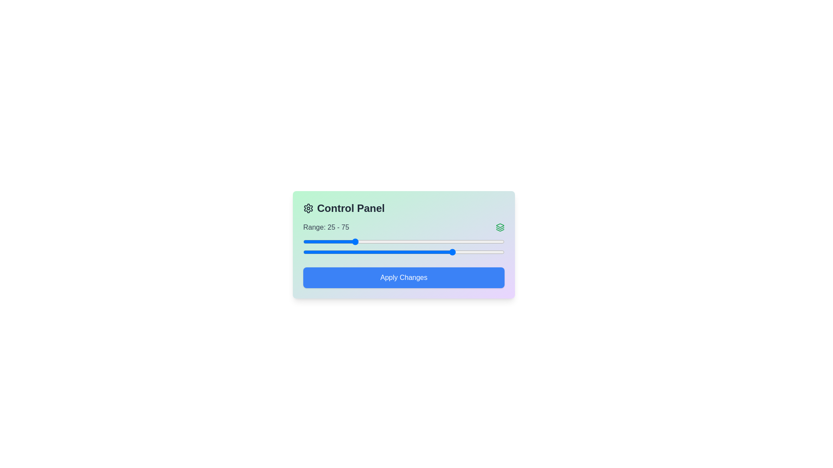 The width and height of the screenshot is (833, 468). What do you see at coordinates (405, 242) in the screenshot?
I see `the left slider to set the starting value to 51` at bounding box center [405, 242].